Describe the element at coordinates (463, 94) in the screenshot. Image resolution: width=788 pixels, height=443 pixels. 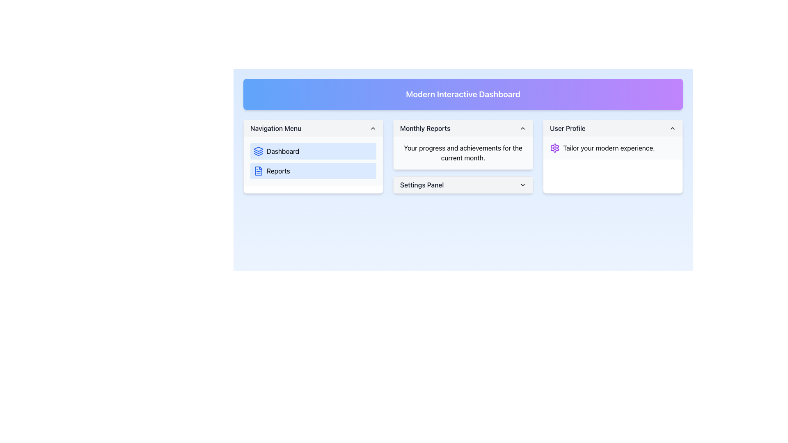
I see `the 'Modern Interactive Dashboard' text display element, which is a large, bold, white text on a gradient blue to purple background, positioned at the top-center of the interface` at that location.